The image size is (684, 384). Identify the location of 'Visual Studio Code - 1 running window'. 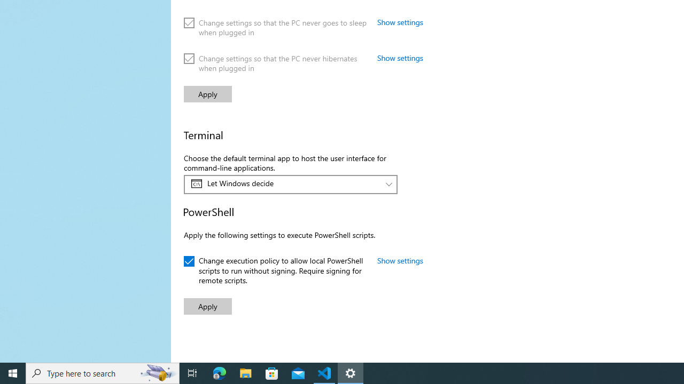
(324, 372).